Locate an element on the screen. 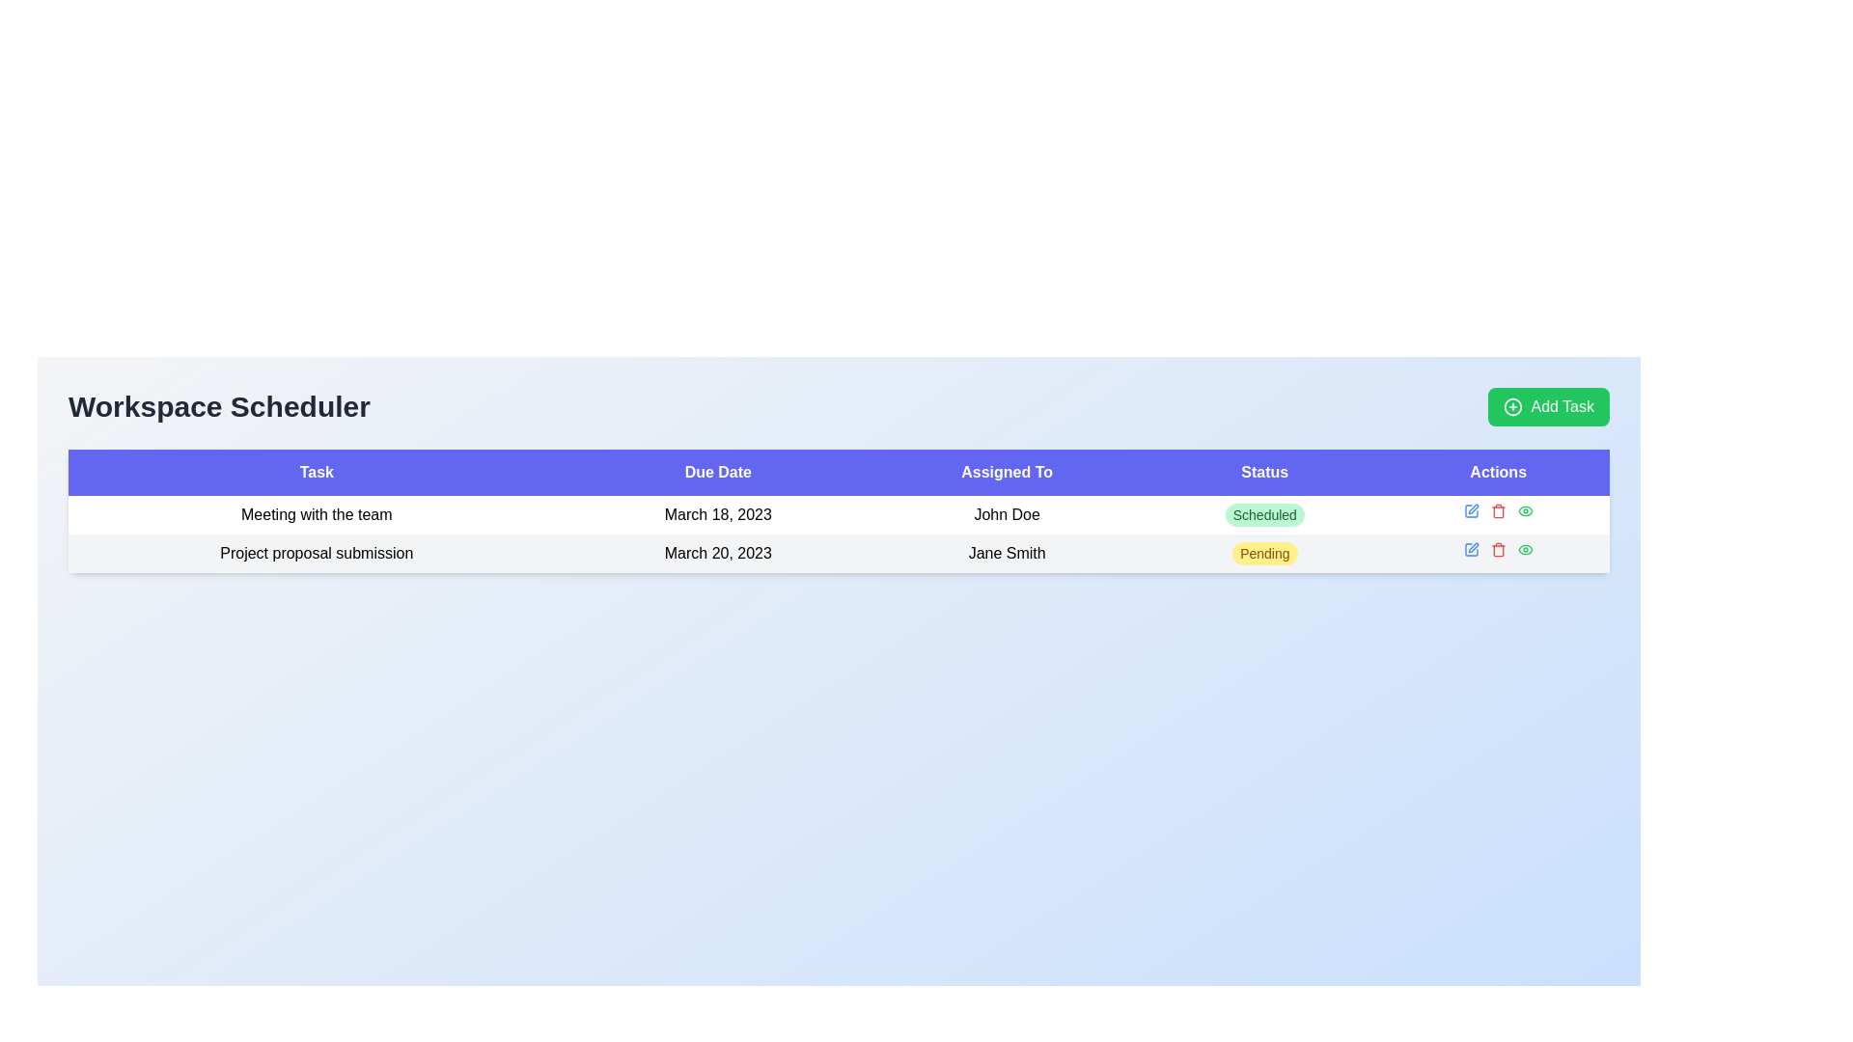 This screenshot has height=1042, width=1853. the informational text displaying the assignee 'Jane Smith' within the task row for 'Project proposal submission', located under the 'Assigned To' column is located at coordinates (1006, 554).